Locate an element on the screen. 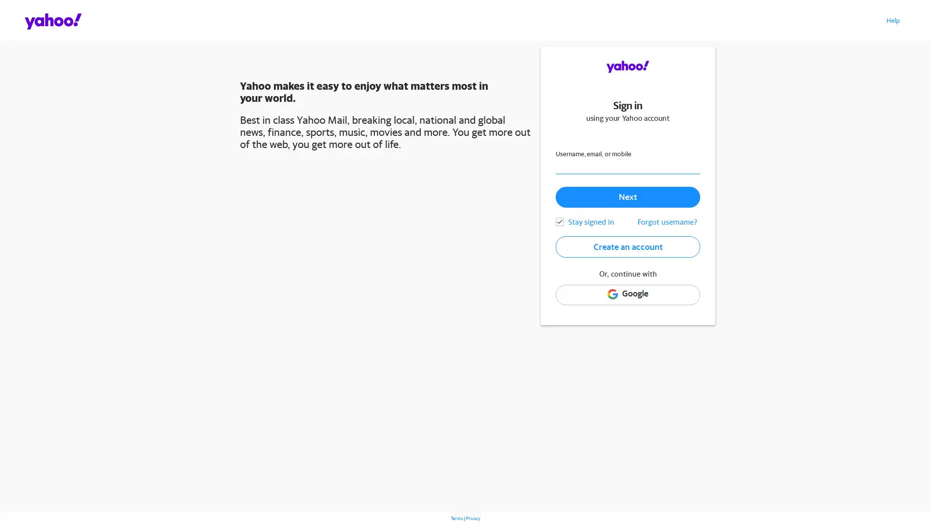 The width and height of the screenshot is (931, 524). Google is located at coordinates (627, 294).